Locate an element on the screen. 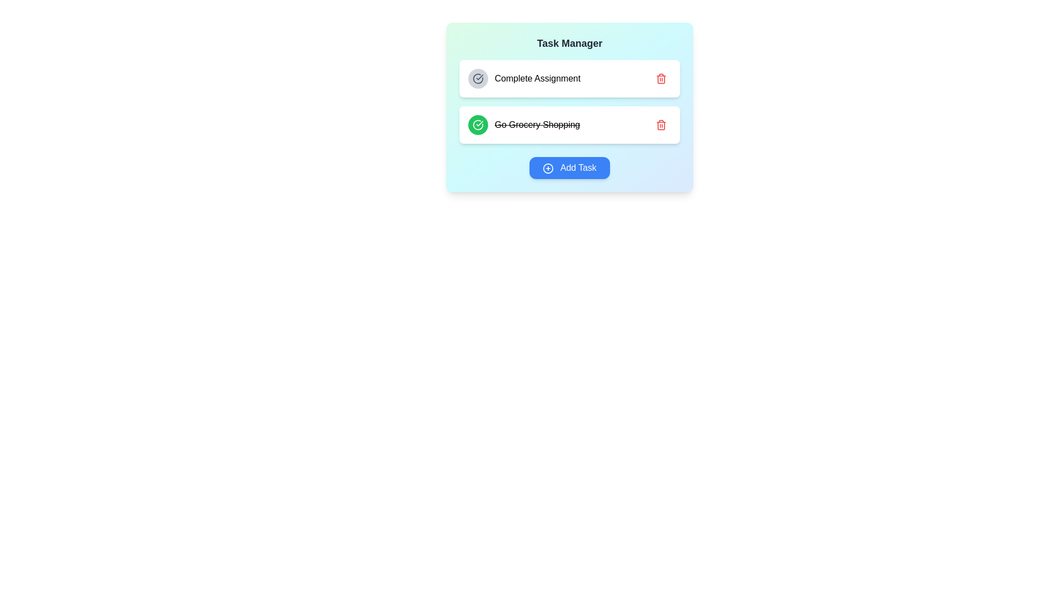  SVG Circle Element inside the 'Add Task' button, which has a hollow center and is part of the primary call-to-action interface is located at coordinates (548, 168).